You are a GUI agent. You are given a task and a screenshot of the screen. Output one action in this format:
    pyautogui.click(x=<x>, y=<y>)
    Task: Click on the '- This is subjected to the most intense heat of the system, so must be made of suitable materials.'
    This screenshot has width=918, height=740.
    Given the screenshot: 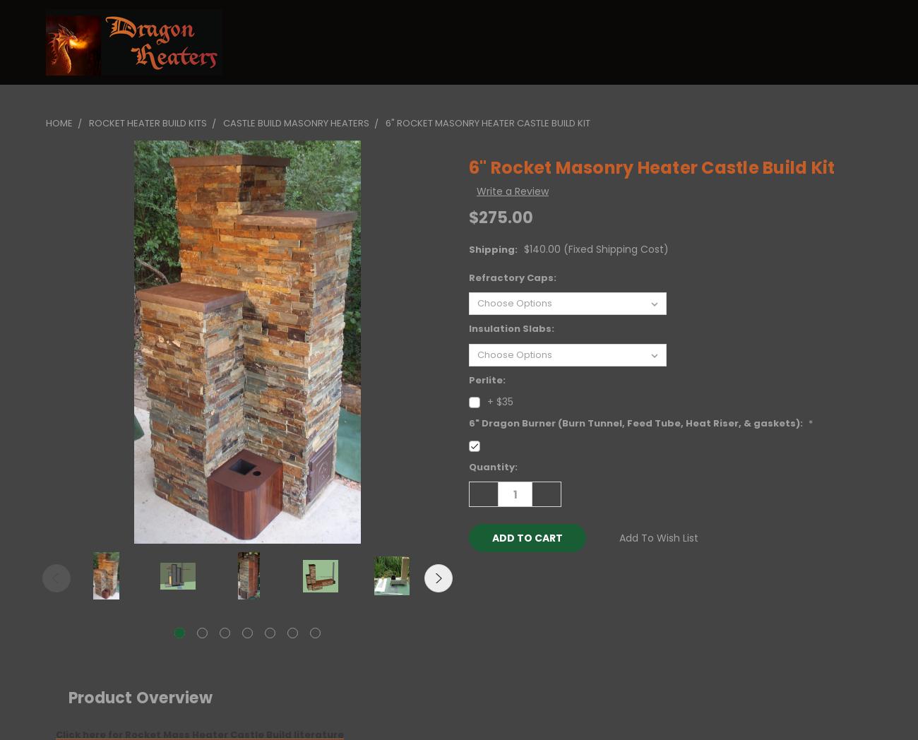 What is the action you would take?
    pyautogui.click(x=403, y=42)
    